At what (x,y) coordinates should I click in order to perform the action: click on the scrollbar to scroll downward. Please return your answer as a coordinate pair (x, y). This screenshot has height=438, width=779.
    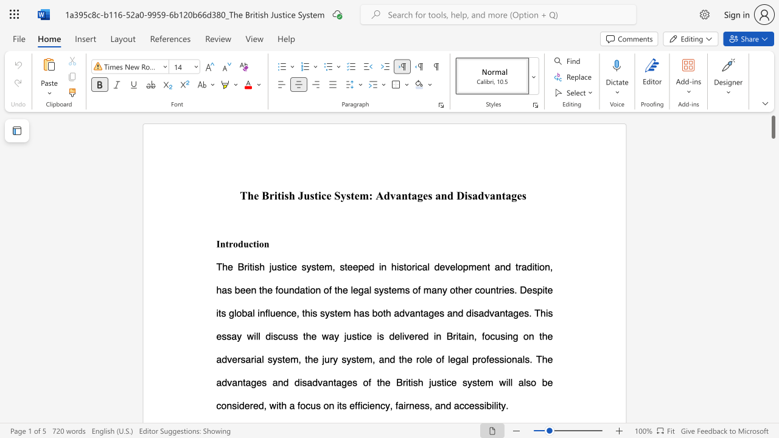
    Looking at the image, I should click on (772, 353).